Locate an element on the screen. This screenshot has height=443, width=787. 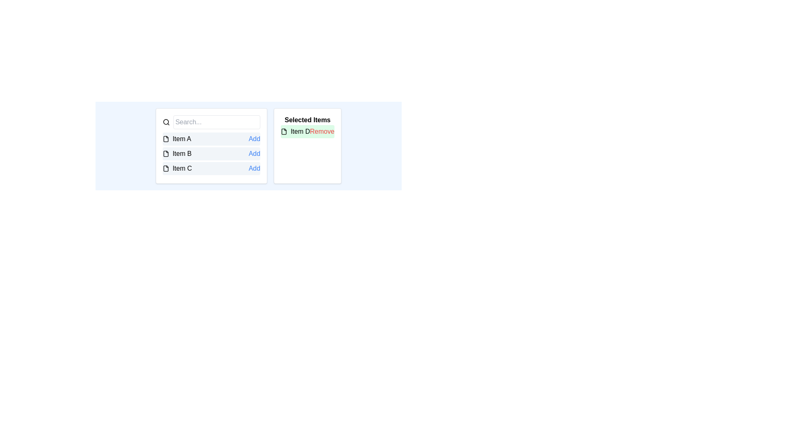
the small document icon located in the first column of the row labeled 'Item A', which features a folded corner design is located at coordinates (166, 139).